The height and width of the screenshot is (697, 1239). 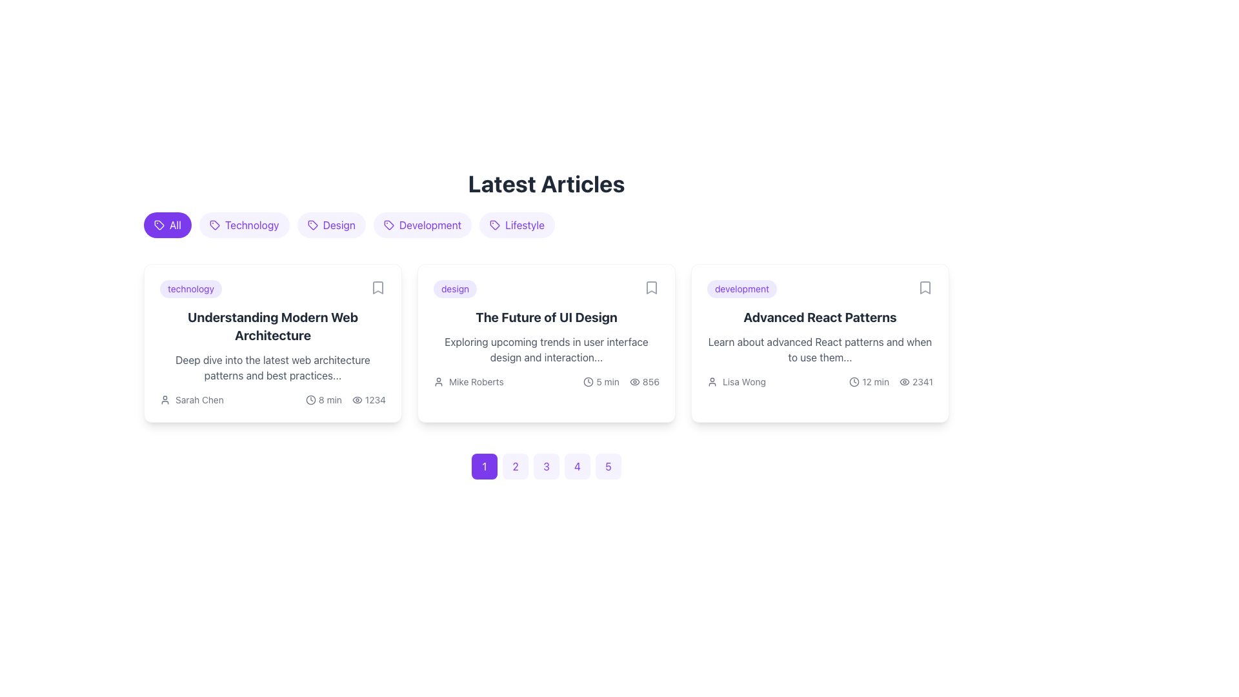 I want to click on the 'Technology' button, which is styled with a purple font on a light purple background, located in the category tags section of the article cards, second from the left, so click(x=252, y=224).